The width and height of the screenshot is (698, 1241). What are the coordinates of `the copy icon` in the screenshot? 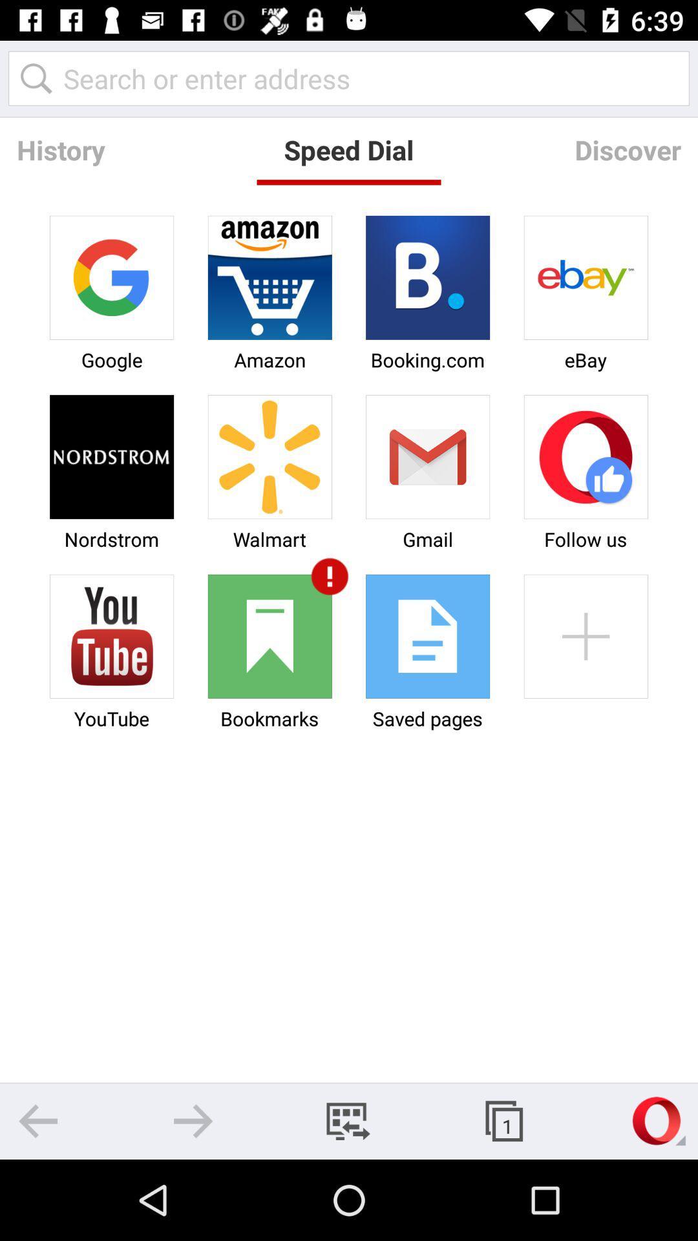 It's located at (503, 1120).